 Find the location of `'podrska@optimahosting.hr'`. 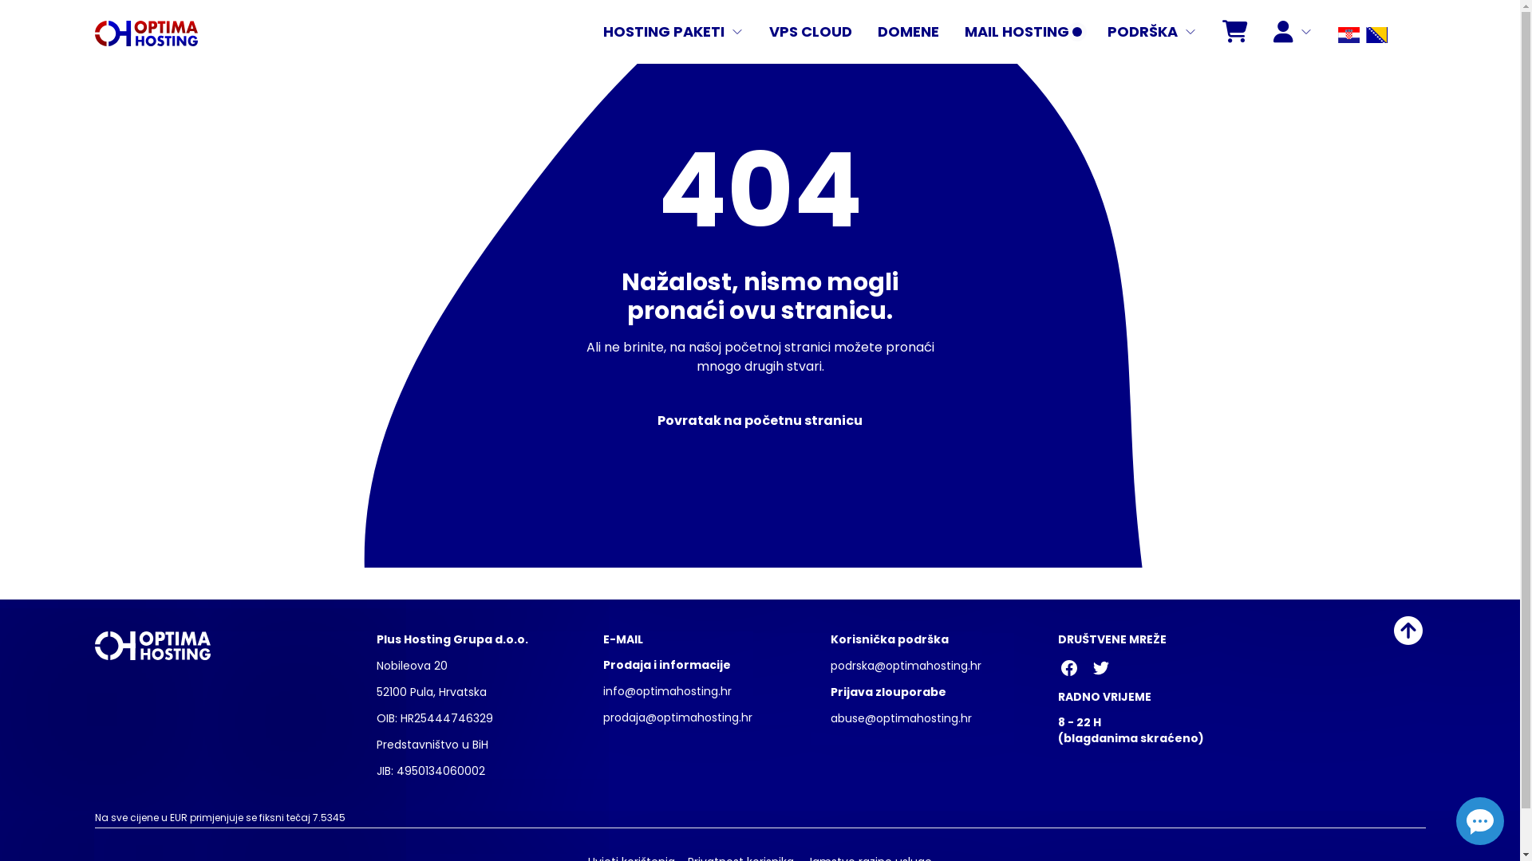

'podrska@optimahosting.hr' is located at coordinates (906, 665).